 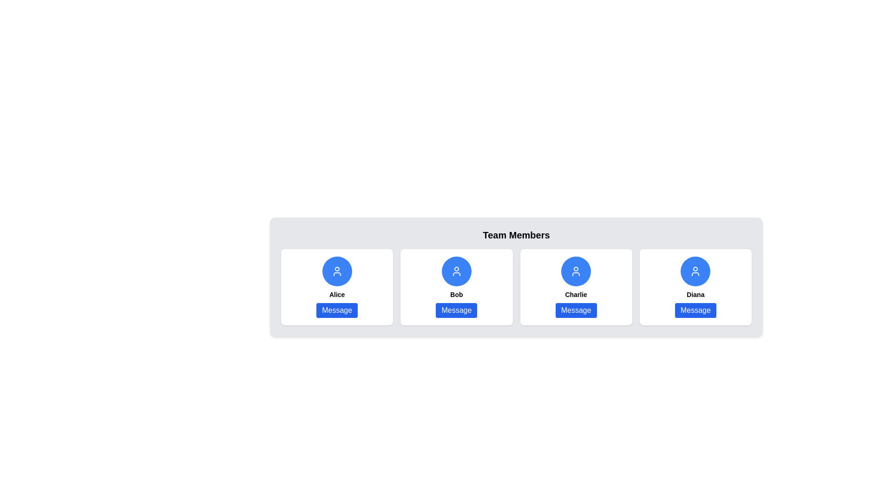 I want to click on the static text label displaying 'Charlie', which is bold and black, located above the 'Message' button and below a circular avatar in the third card of a horizontally aligned list, so click(x=576, y=294).